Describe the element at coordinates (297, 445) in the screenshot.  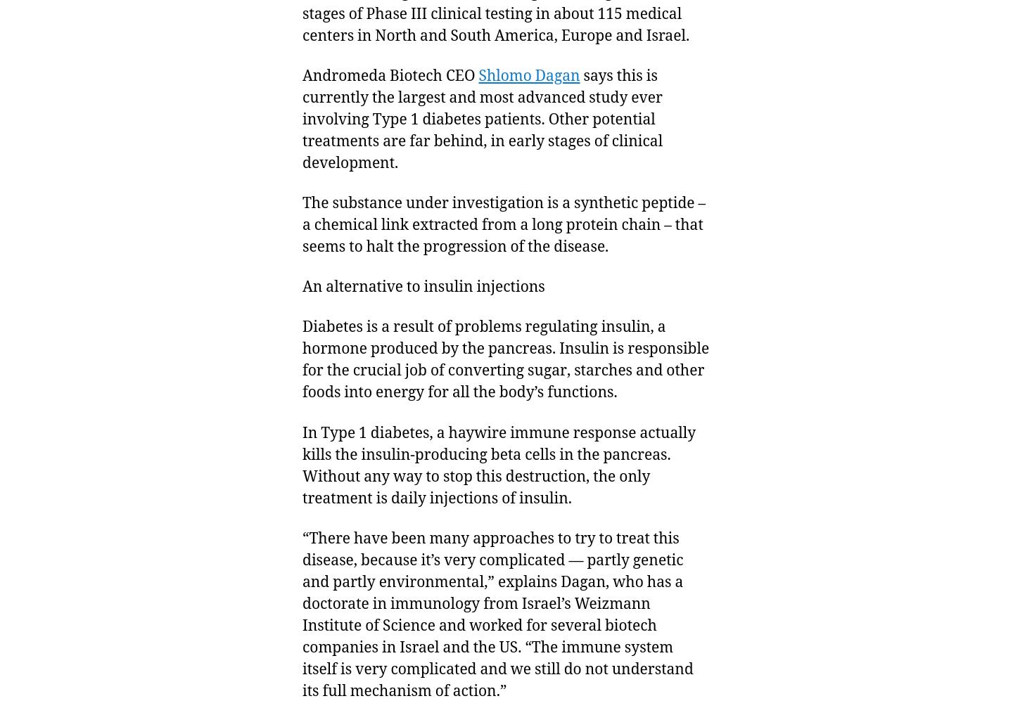
I see `'Smart Grid has trouble attracting smart money'` at that location.